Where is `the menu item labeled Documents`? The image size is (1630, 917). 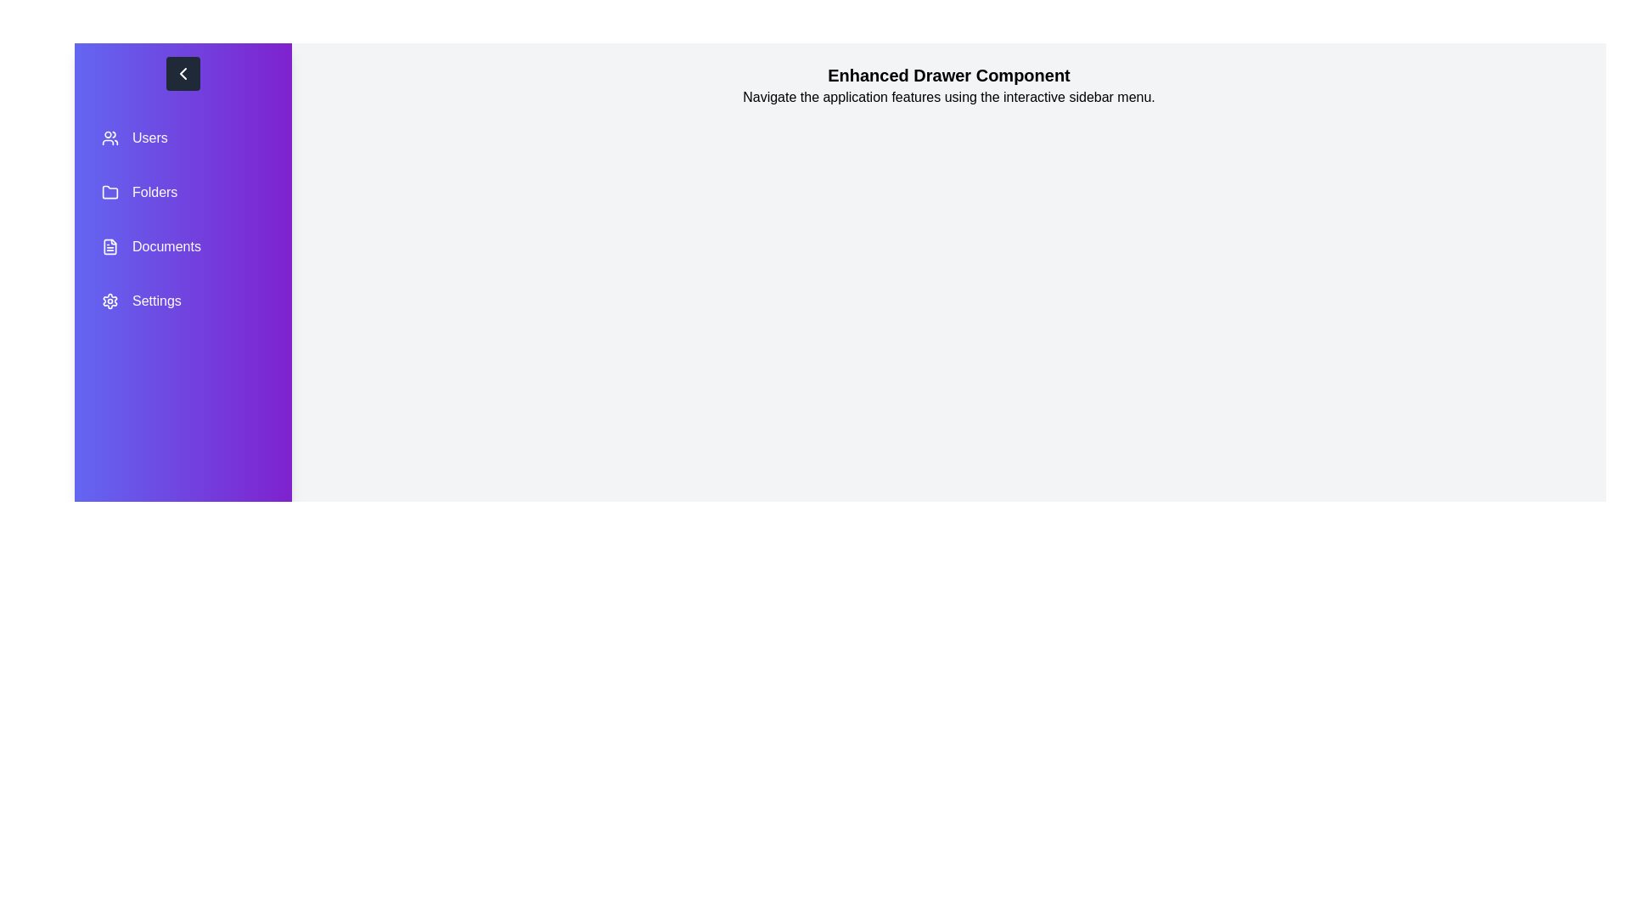
the menu item labeled Documents is located at coordinates (183, 246).